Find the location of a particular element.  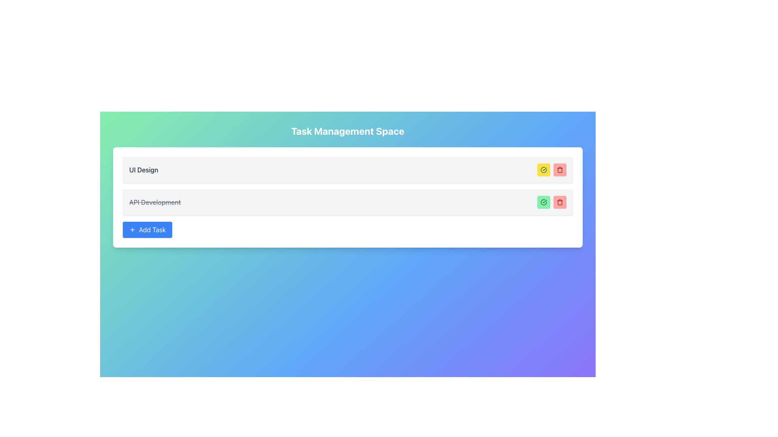

the delete button located in the second task row of the task list is located at coordinates (560, 202).